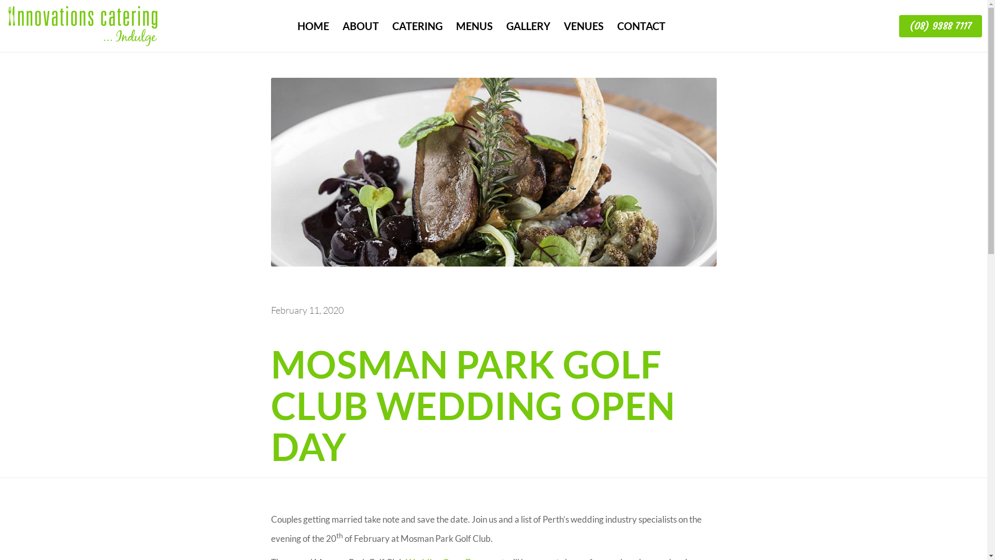  Describe the element at coordinates (528, 31) in the screenshot. I see `'GALLERY'` at that location.